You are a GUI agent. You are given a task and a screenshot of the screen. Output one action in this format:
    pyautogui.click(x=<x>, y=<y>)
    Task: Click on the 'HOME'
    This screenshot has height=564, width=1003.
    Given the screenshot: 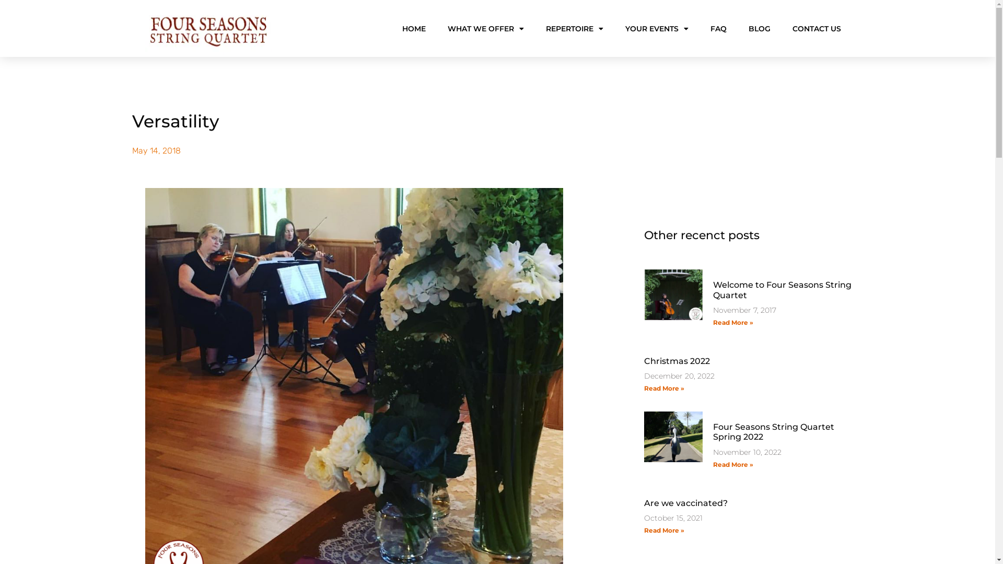 What is the action you would take?
    pyautogui.click(x=413, y=28)
    